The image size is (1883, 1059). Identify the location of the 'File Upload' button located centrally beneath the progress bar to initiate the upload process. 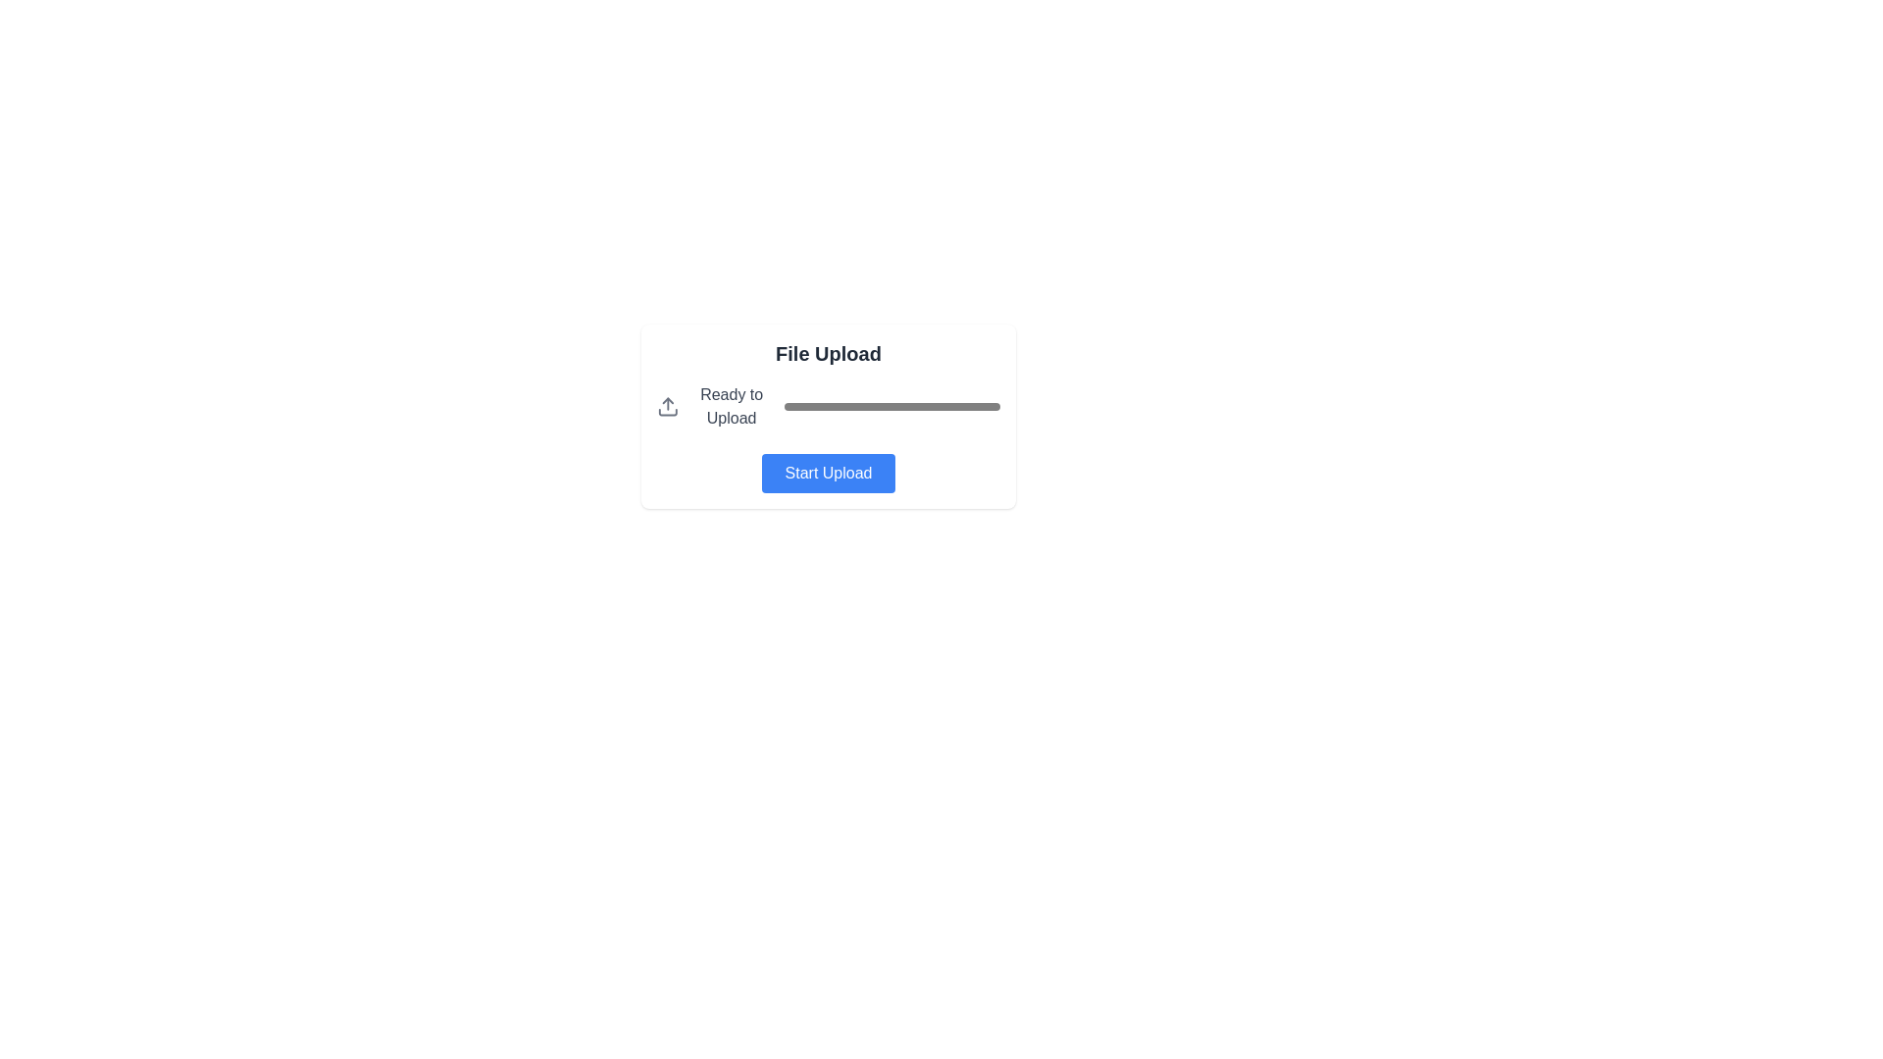
(828, 473).